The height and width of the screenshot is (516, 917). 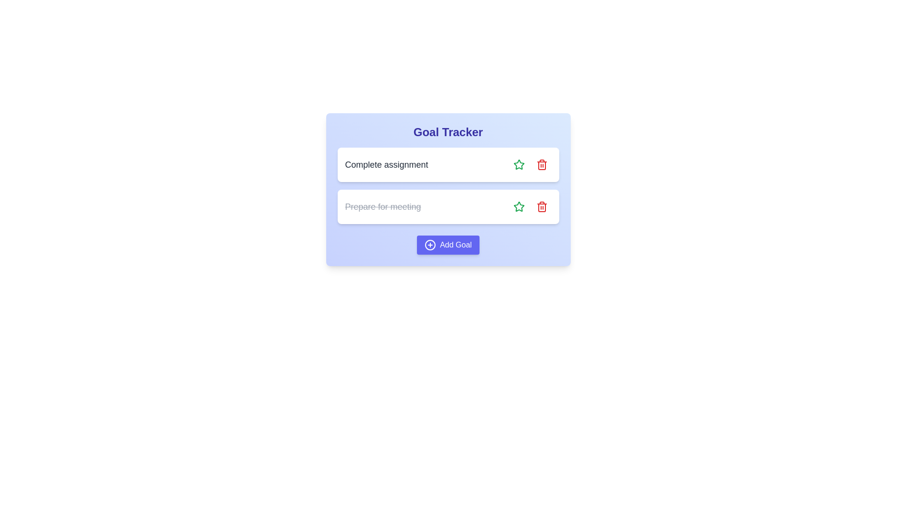 I want to click on or tab to the outlined green star icon button located immediately to the right of the text 'Prepare for meeting' in the second row of the goal list for keyboard accessibility, so click(x=518, y=206).